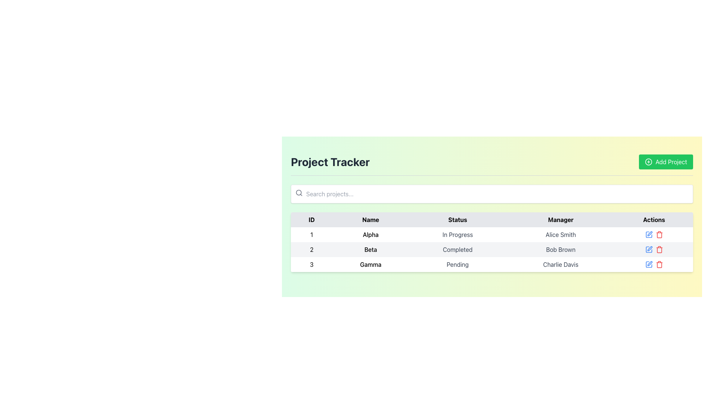 Image resolution: width=717 pixels, height=403 pixels. I want to click on the edit button located in the 'Actions' column of the last row for 'Gamma', so click(649, 263).